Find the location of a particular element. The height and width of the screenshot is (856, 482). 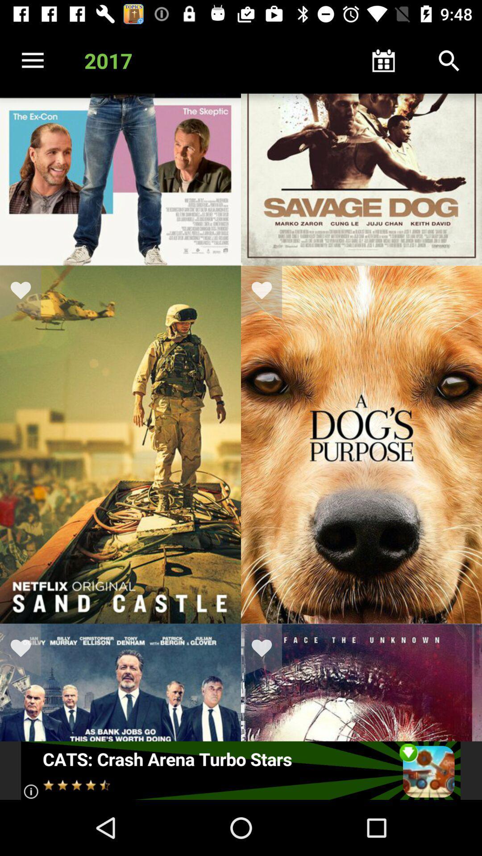

advertisement is located at coordinates (240, 770).